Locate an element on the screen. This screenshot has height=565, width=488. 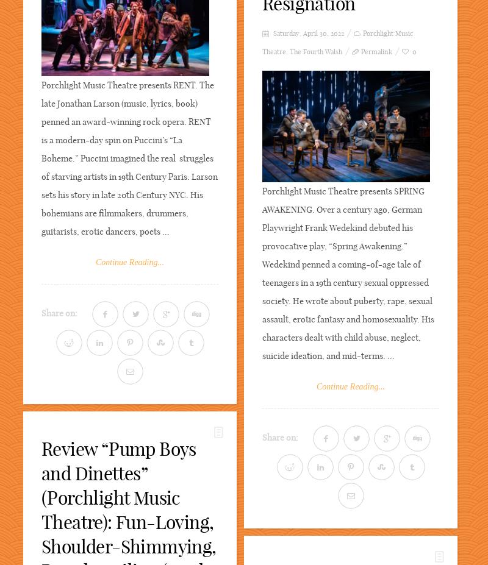
'Porchlight Music Theatre presents RENT.
The late Jonathan Larson (music, lyrics, book) penned an award-winning rock opera. RENT is a modern-day spin on Puccini’s “La Boheme.” Puccini imagined the real  struggles of starving artists in 19th Century Paris. Larson sets his story in late 20th Century NYC. His bohemians are filmmakers, drummers, guitarists, erotic dancers, poets ...' is located at coordinates (129, 158).